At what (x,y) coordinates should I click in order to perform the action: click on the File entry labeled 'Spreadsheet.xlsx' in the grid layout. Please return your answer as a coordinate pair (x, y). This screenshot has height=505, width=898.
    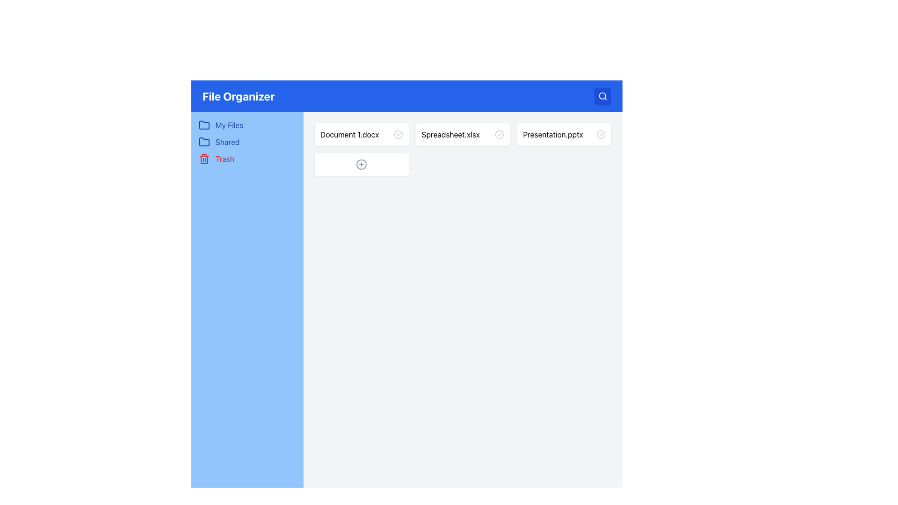
    Looking at the image, I should click on (463, 149).